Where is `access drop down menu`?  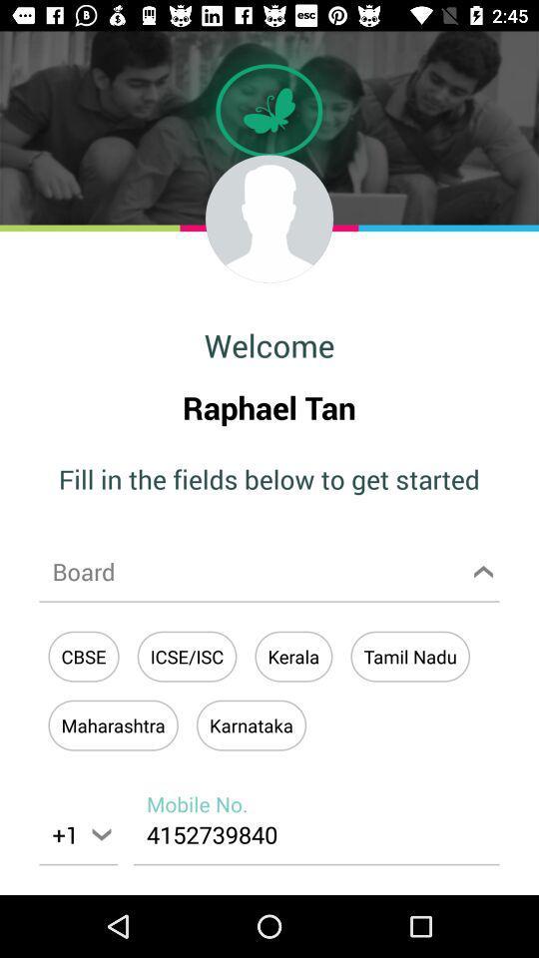 access drop down menu is located at coordinates (269, 571).